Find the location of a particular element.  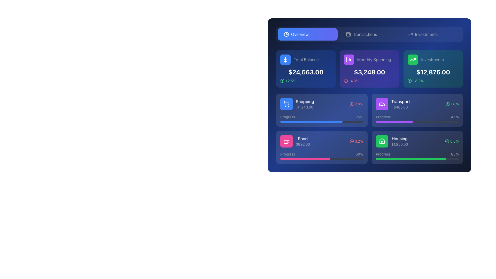

the text label displaying 'Transport' and '$485.00' by moving the cursor to its center point is located at coordinates (400, 104).